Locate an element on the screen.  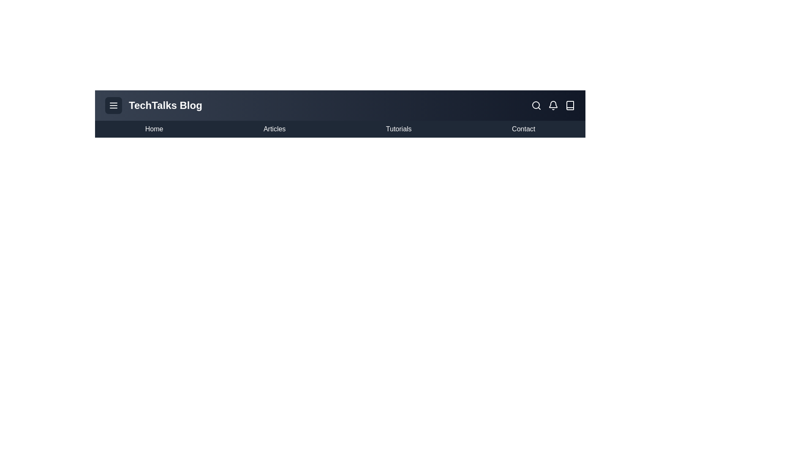
the menu button to toggle the navigation menu visibility is located at coordinates (113, 105).